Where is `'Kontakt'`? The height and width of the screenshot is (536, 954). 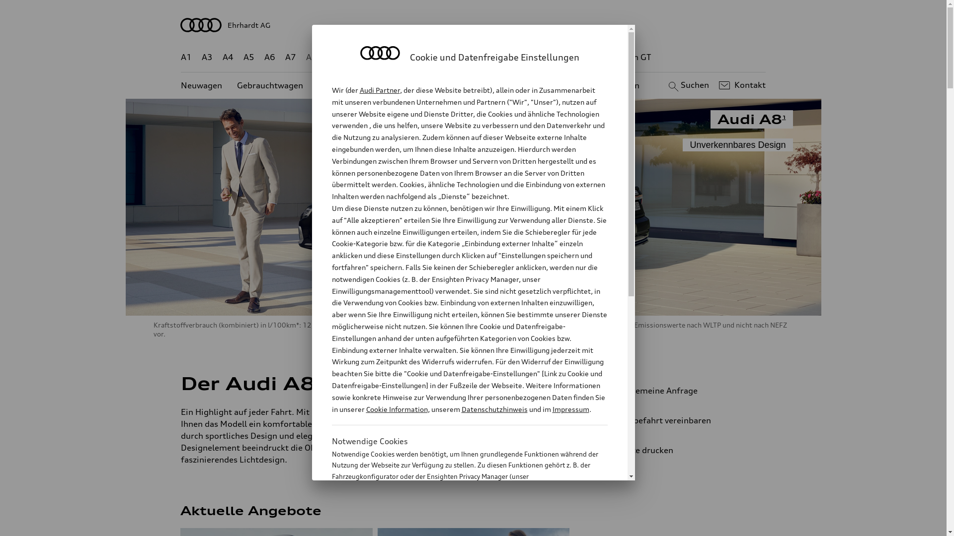 'Kontakt' is located at coordinates (741, 85).